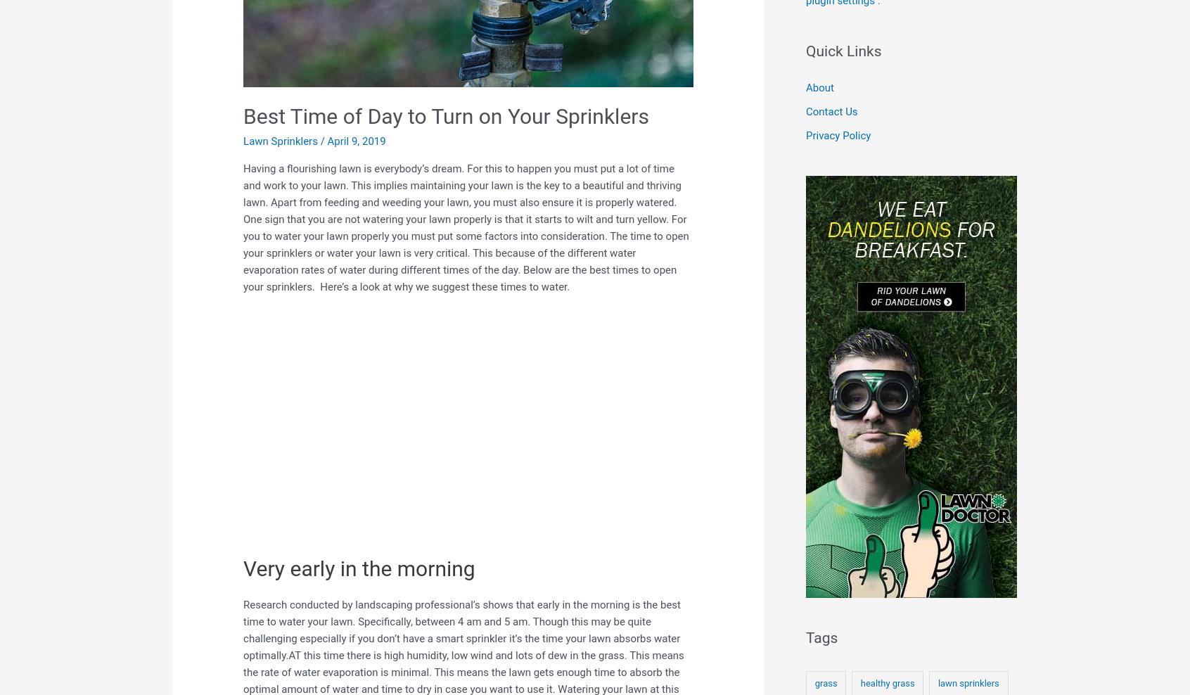 Image resolution: width=1190 pixels, height=695 pixels. What do you see at coordinates (825, 682) in the screenshot?
I see `'grass'` at bounding box center [825, 682].